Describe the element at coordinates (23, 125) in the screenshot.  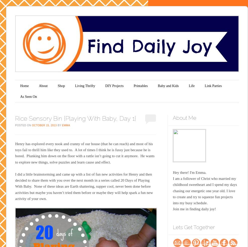
I see `'Posted on'` at that location.